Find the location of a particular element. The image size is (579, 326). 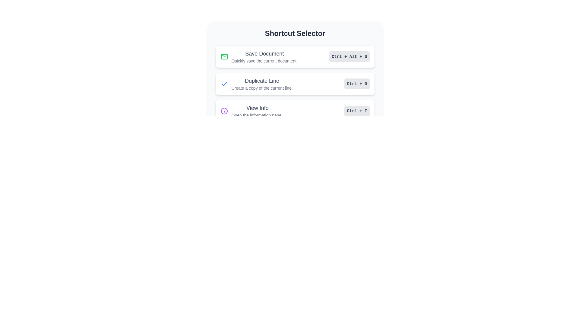

the keyboard icon representing the 'Save Document' functionality located to the left of the text 'Save Document' in the shortcut selector interface is located at coordinates (224, 57).